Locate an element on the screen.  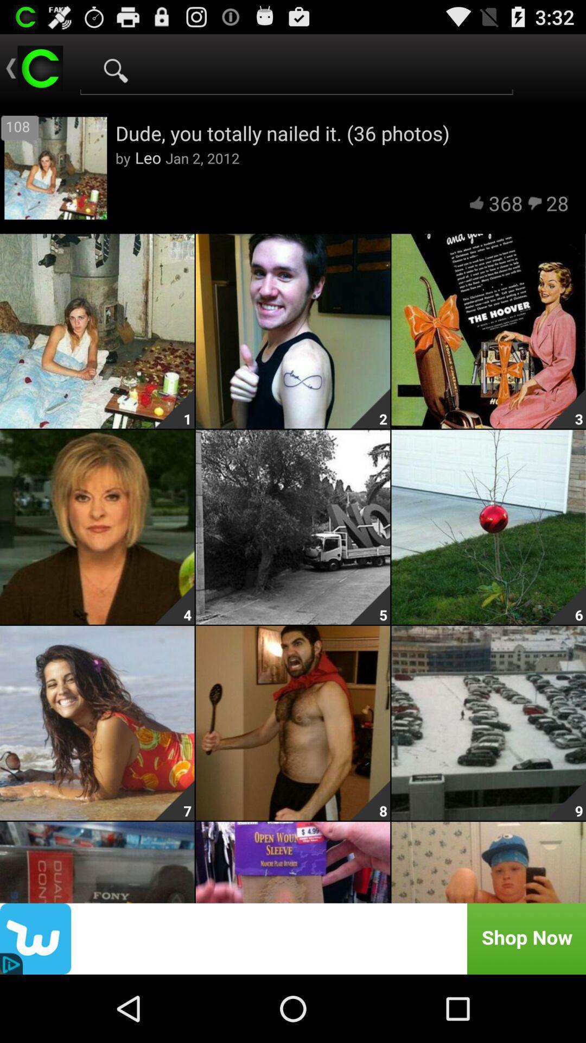
the 6 image is located at coordinates (489, 527).